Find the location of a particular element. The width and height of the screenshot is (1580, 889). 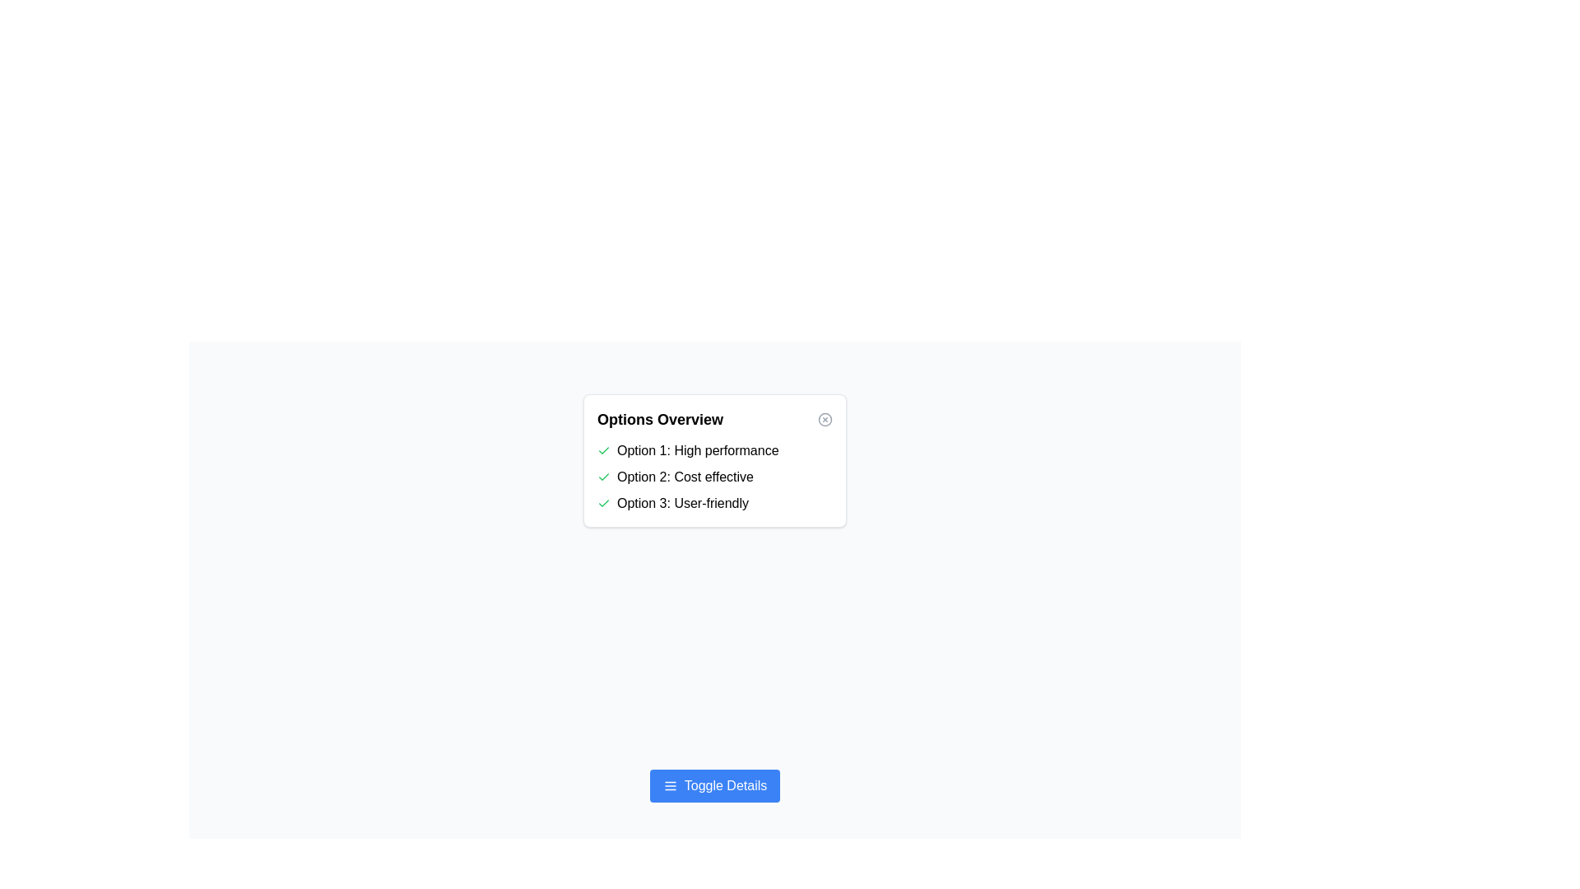

the text label displaying 'High performance' in the 'Options Overview' card, which is the first option in the selectable list is located at coordinates (698, 450).